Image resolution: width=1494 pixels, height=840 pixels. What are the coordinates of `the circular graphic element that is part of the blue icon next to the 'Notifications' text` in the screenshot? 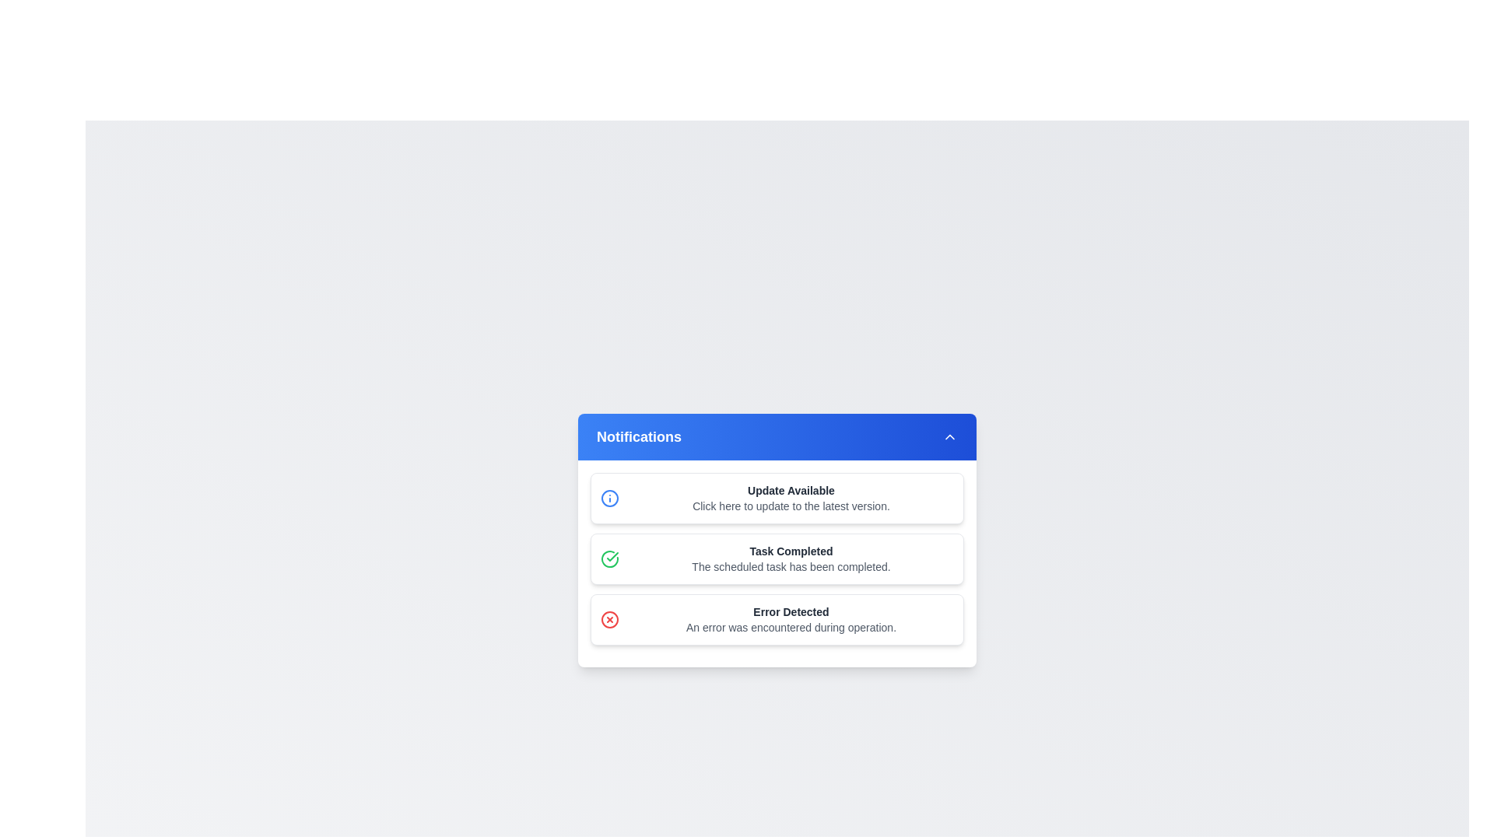 It's located at (608, 498).